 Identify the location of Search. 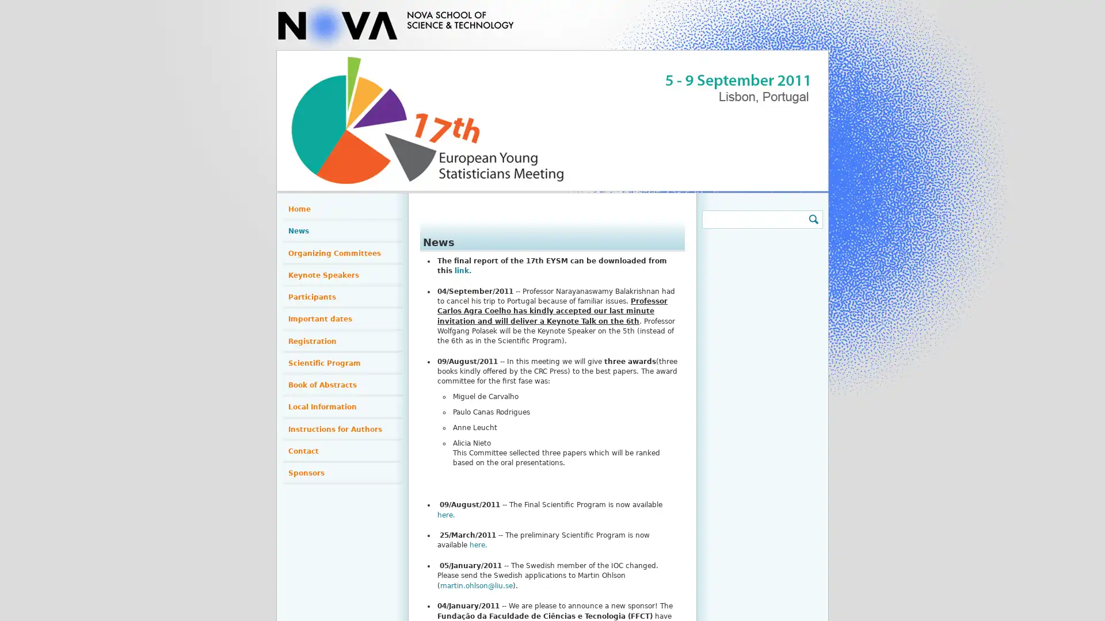
(812, 219).